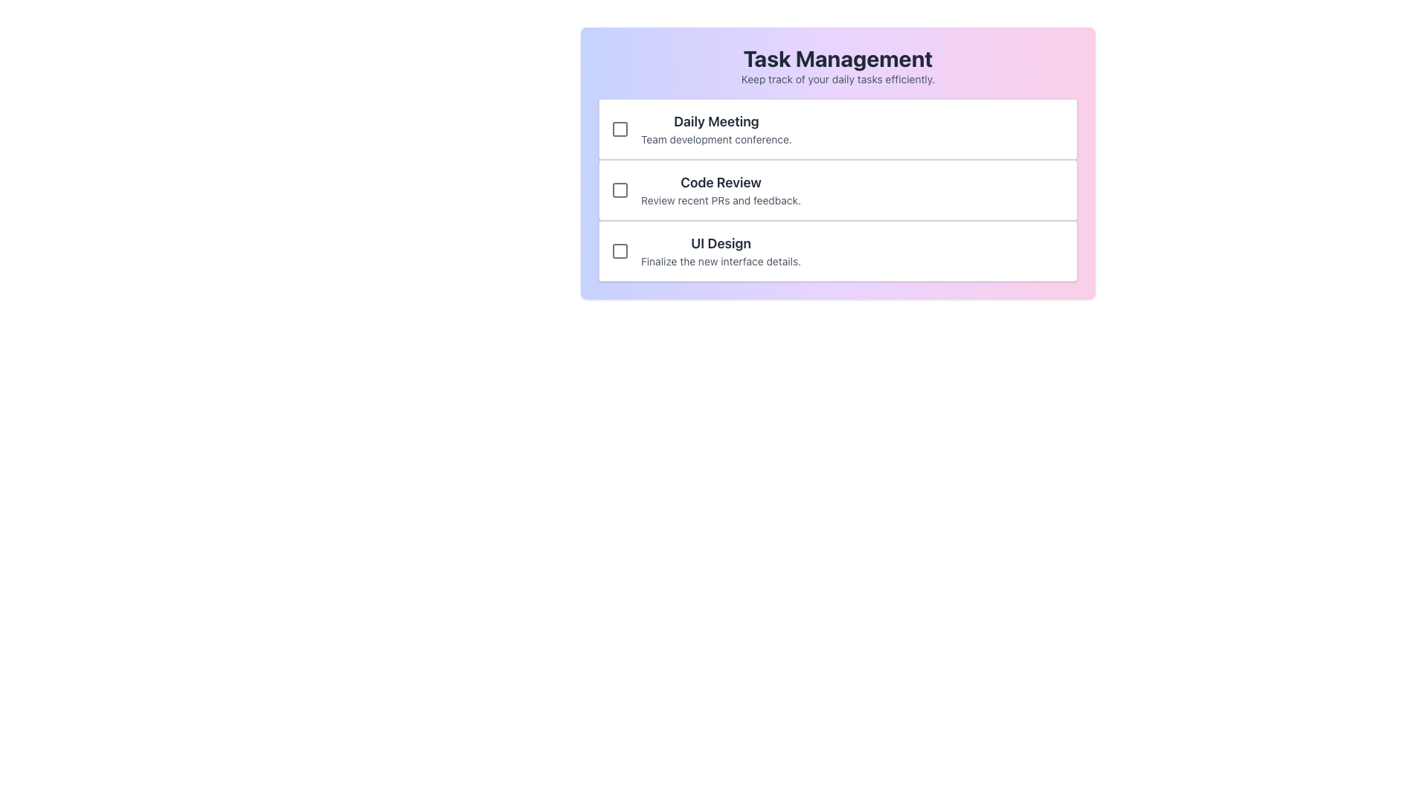  Describe the element at coordinates (620, 251) in the screenshot. I see `the checkbox located to the left of the 'UI Design' text in the lower section of the 'Task Management' panel by clicking it` at that location.